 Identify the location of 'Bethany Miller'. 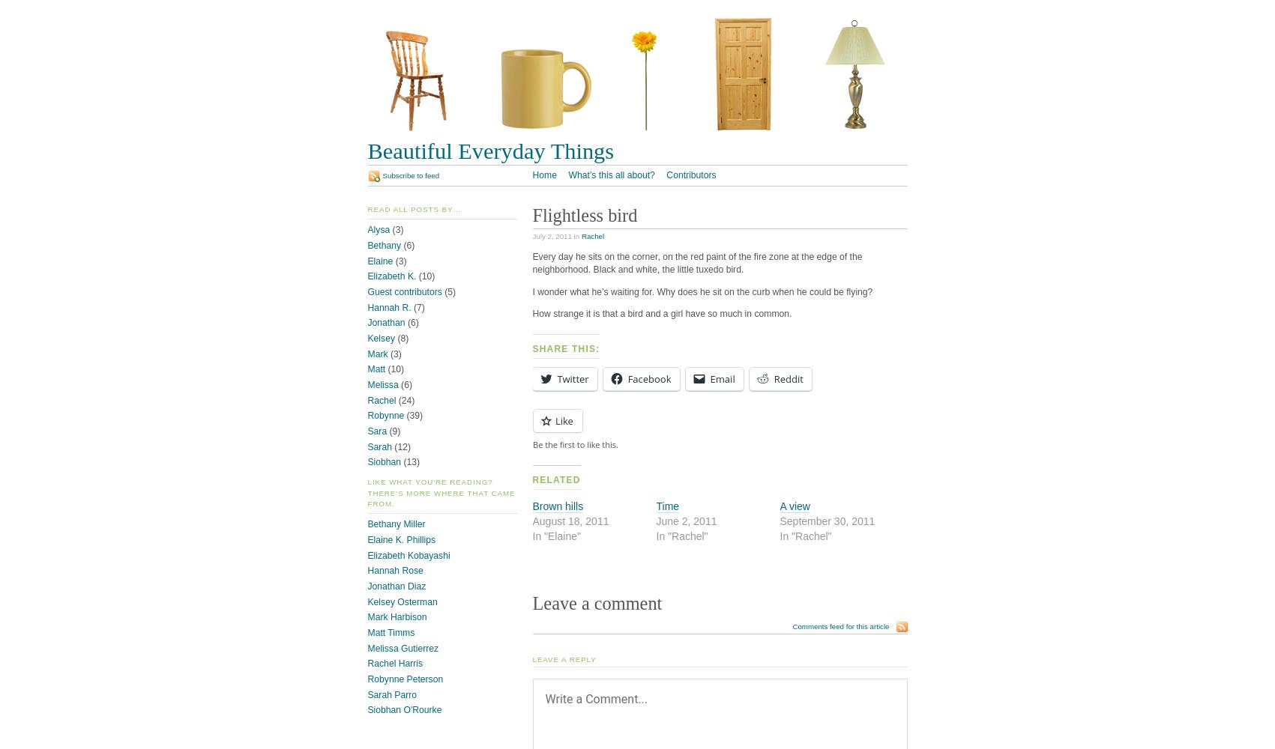
(396, 524).